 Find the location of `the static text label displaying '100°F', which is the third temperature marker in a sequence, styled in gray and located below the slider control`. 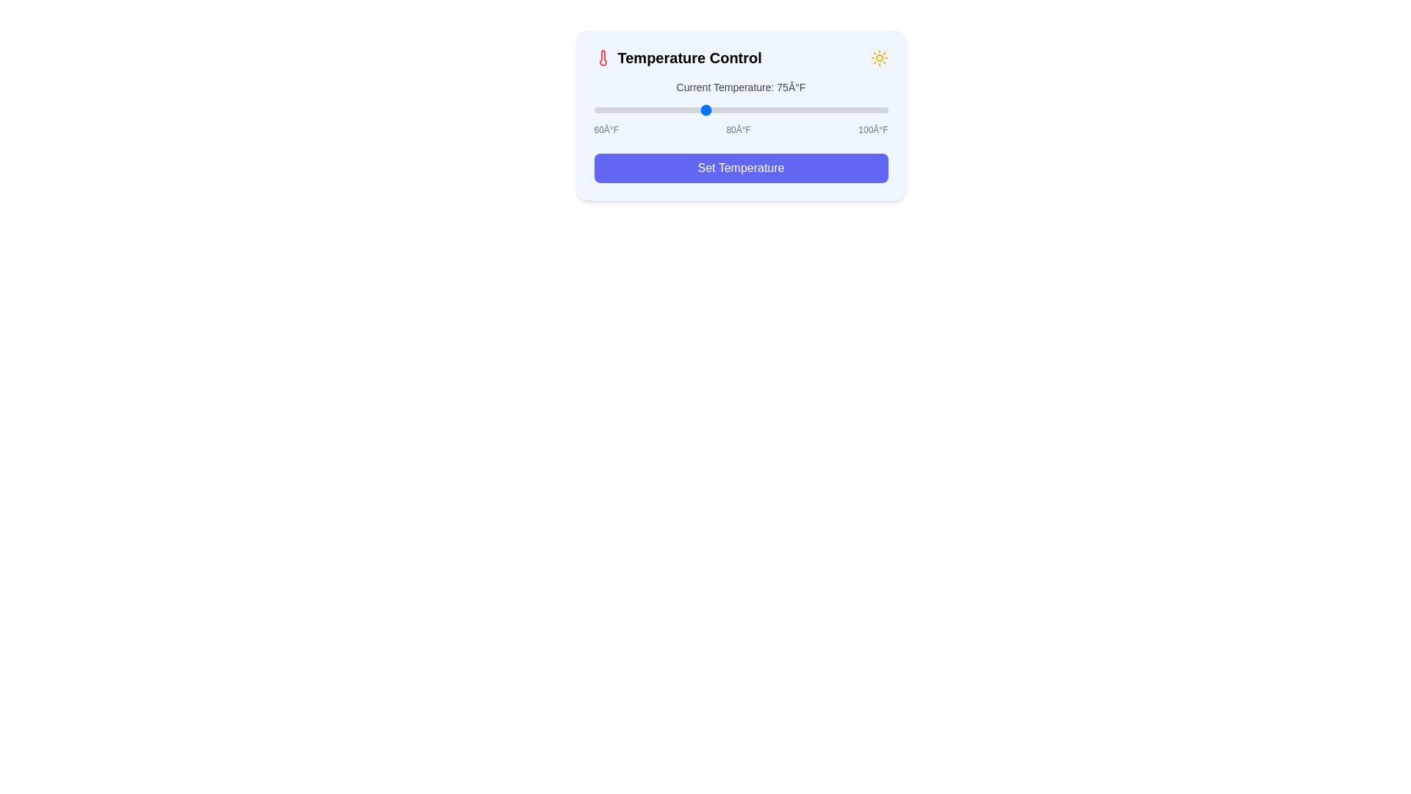

the static text label displaying '100°F', which is the third temperature marker in a sequence, styled in gray and located below the slider control is located at coordinates (873, 129).